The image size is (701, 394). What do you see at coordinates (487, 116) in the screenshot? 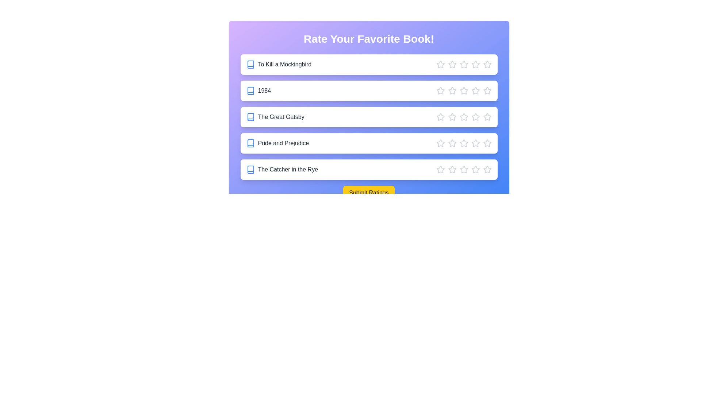
I see `the star corresponding to 5 stars for the book The Great Gatsby` at bounding box center [487, 116].